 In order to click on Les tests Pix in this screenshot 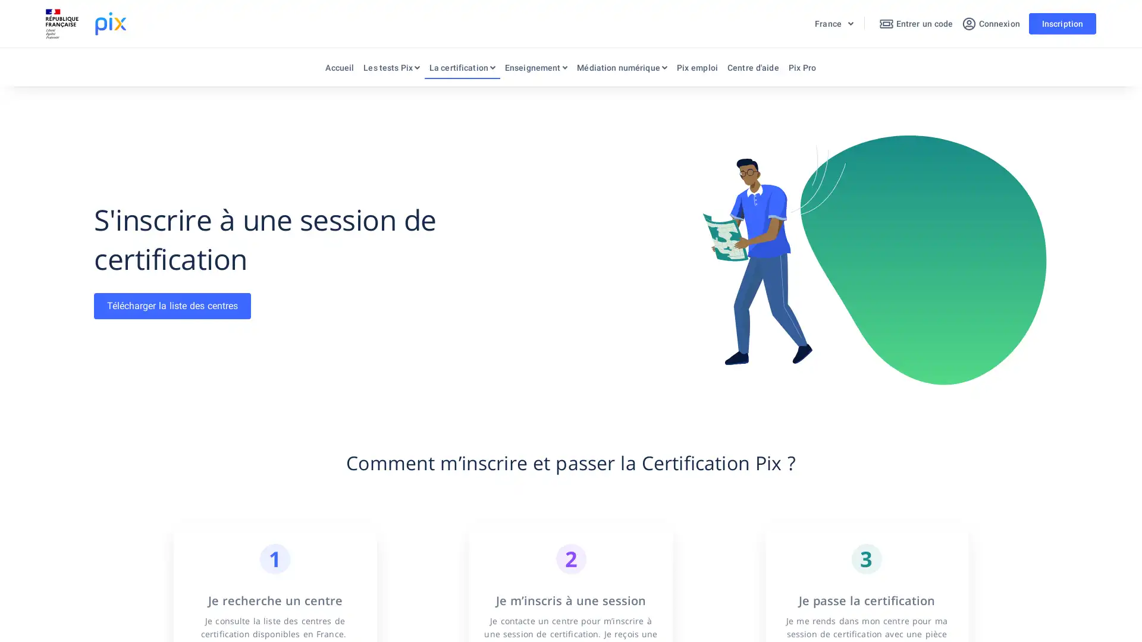, I will do `click(391, 70)`.